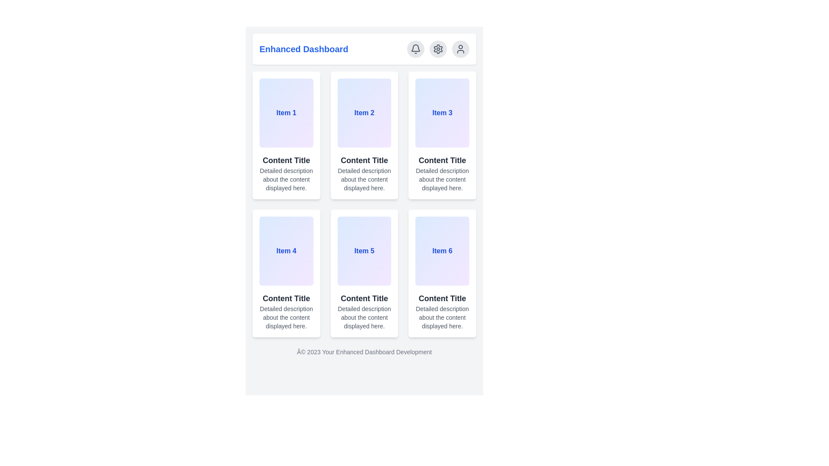  What do you see at coordinates (286, 160) in the screenshot?
I see `text label that displays 'Content Title', which is styled with dark gray, bold font and is positioned centrally under the blue rectangle labeled 'Item 1'` at bounding box center [286, 160].